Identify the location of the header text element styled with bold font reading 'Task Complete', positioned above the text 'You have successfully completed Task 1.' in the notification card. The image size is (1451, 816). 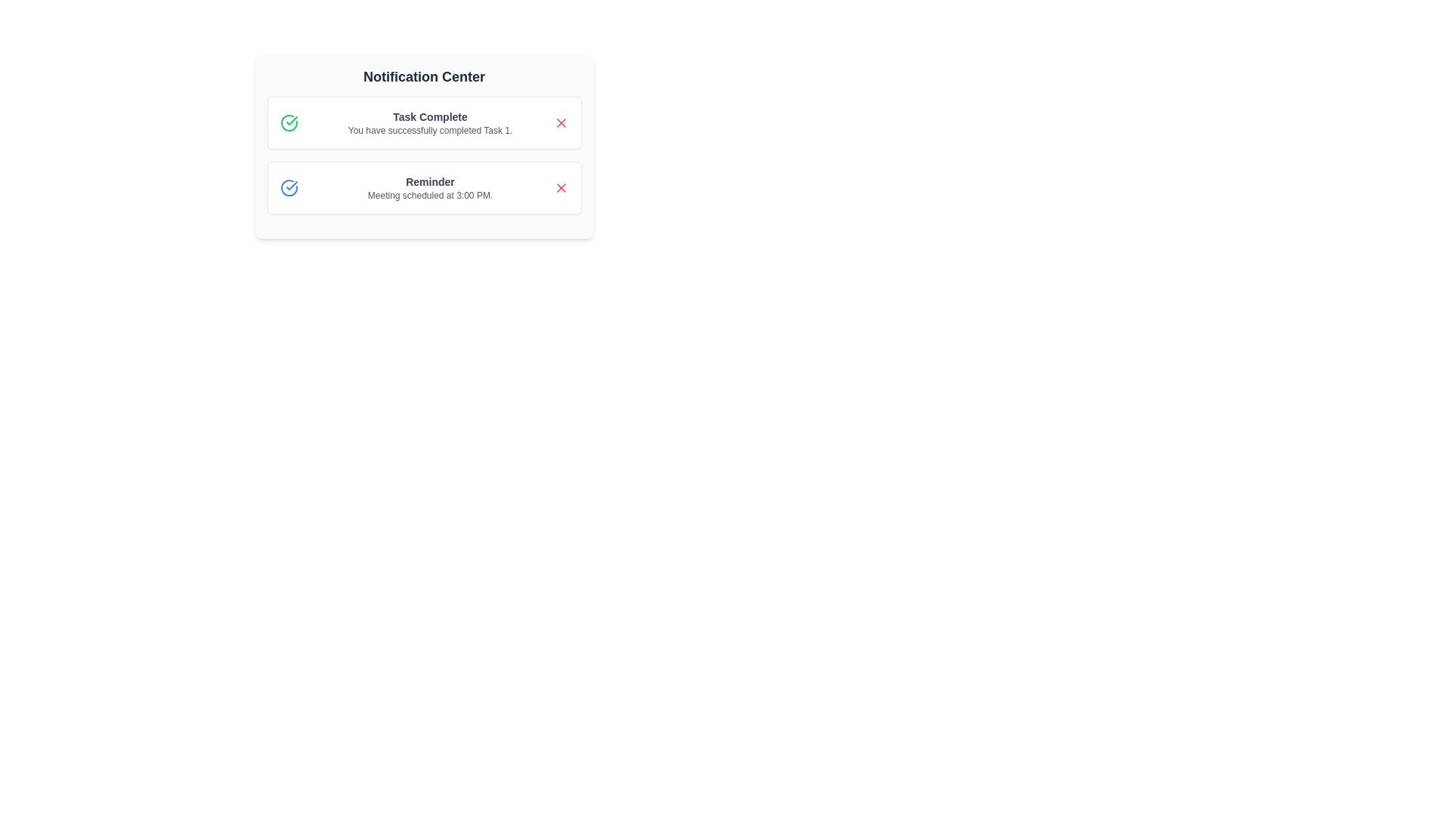
(429, 116).